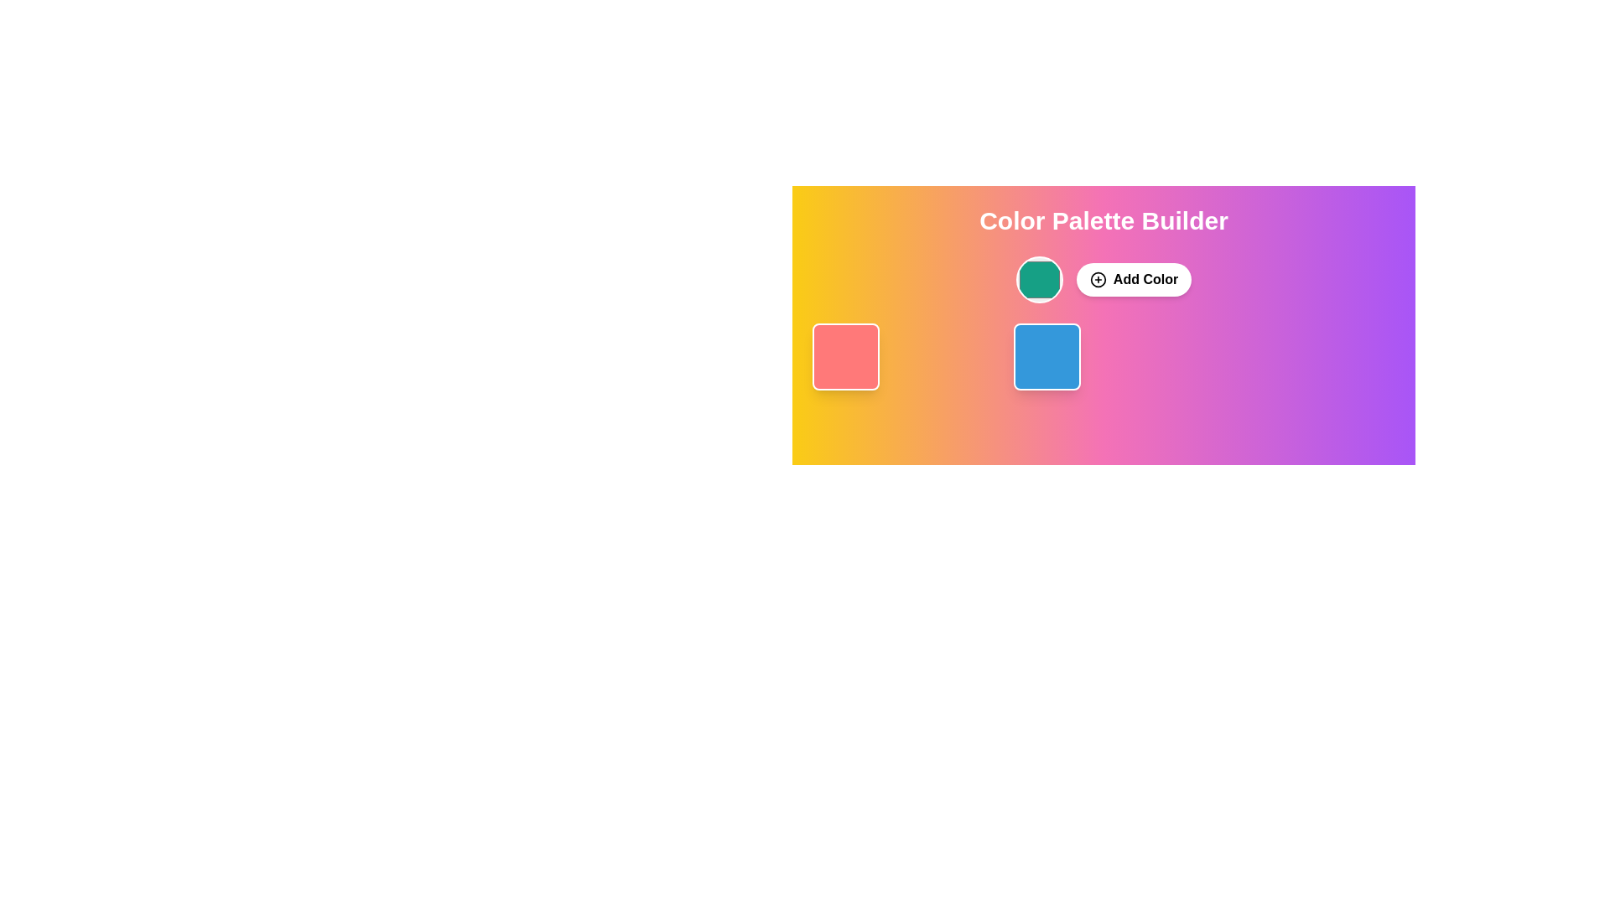  What do you see at coordinates (1104, 279) in the screenshot?
I see `the 'Add Color' button, which has a rounded white background and bold black text, located under the 'Color Palette Builder' header` at bounding box center [1104, 279].